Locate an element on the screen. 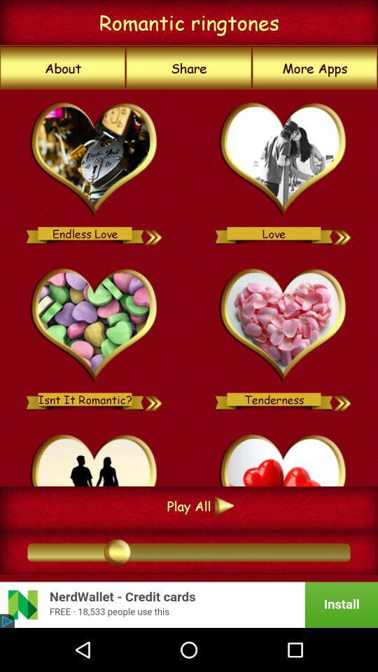 This screenshot has height=672, width=378. open page is located at coordinates (94, 160).